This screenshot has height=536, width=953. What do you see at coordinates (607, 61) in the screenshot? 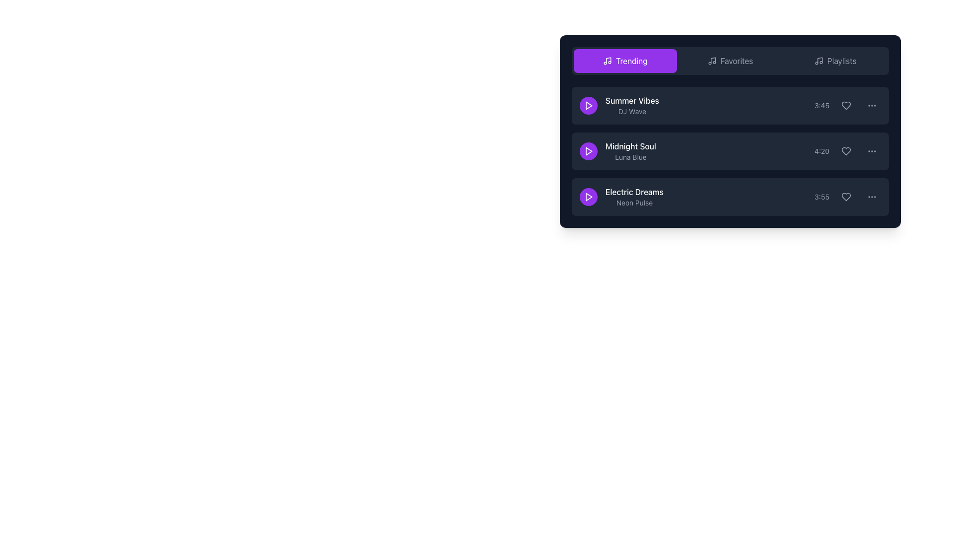
I see `the purple 'Trending' button which contains the musical notes icon located on its left side` at bounding box center [607, 61].